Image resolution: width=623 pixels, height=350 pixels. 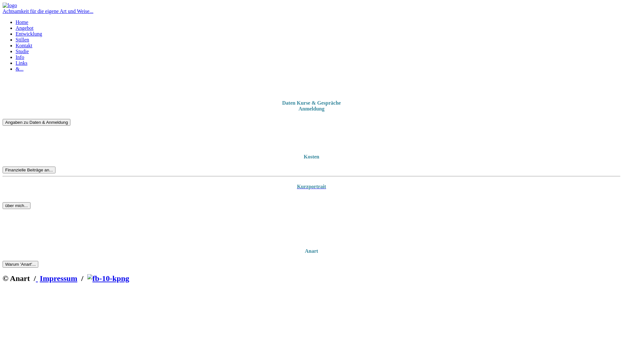 What do you see at coordinates (22, 22) in the screenshot?
I see `'Home'` at bounding box center [22, 22].